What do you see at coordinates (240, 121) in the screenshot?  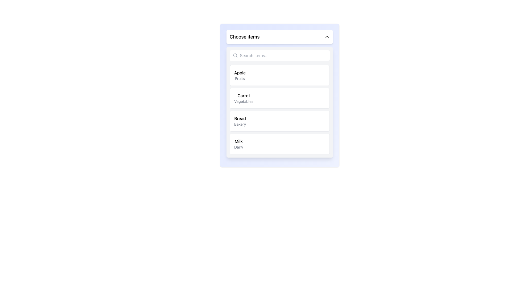 I see `text content of the label that displays 'Bread' in bold and 'Bakery' in smaller gray font, which is the third item in a vertical list within a modal, located between 'Carrot - Vegetables' and 'Milk - Dairy'` at bounding box center [240, 121].